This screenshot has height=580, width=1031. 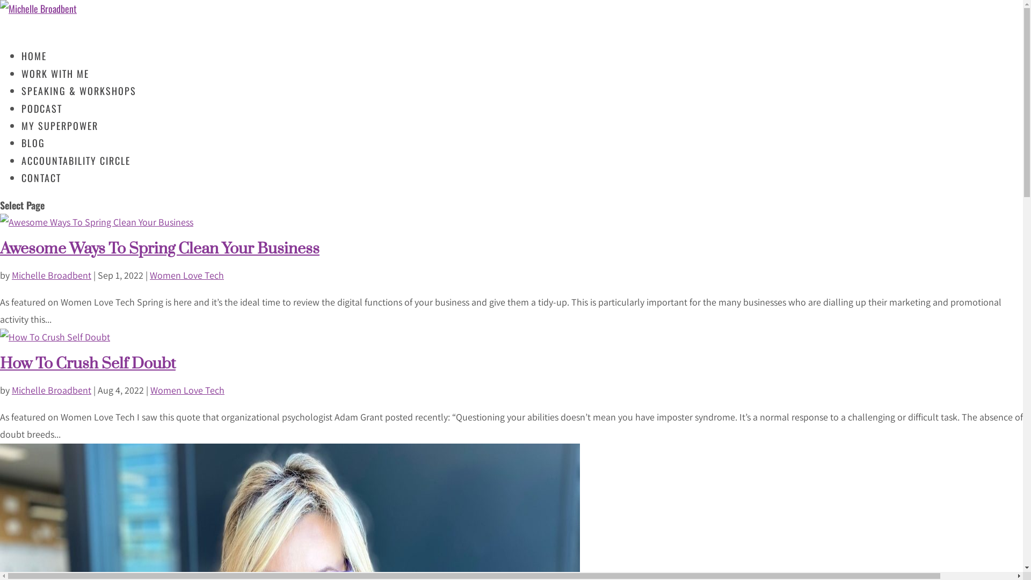 I want to click on 'SPEAKING & WORKSHOPS', so click(x=78, y=101).